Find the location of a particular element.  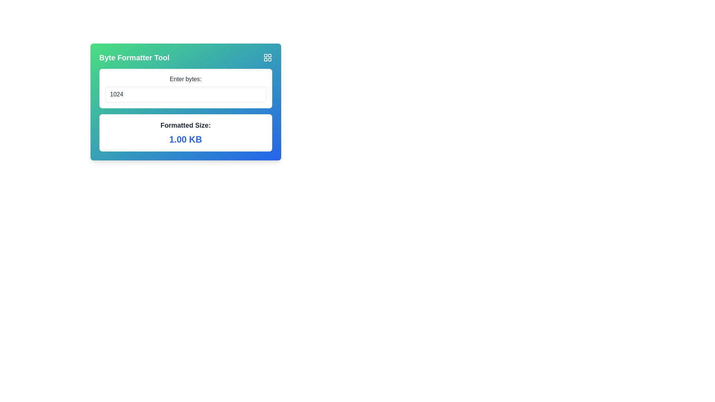

the formatted output in the panel labeled 'Formatted Size:' which contains the value '1.00 KB' is located at coordinates (185, 102).